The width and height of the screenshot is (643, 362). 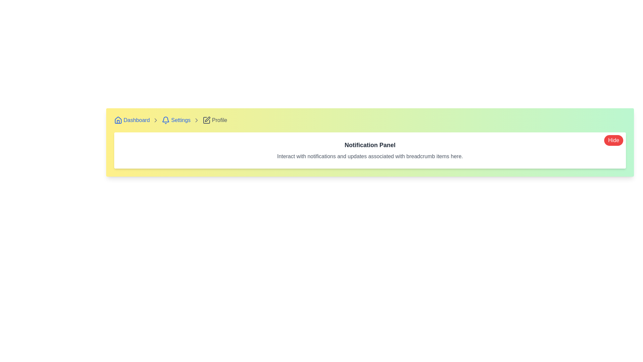 I want to click on the separator icon in the breadcrumb navigation that visually indicates progression between 'Settings' and 'Profile', so click(x=196, y=120).